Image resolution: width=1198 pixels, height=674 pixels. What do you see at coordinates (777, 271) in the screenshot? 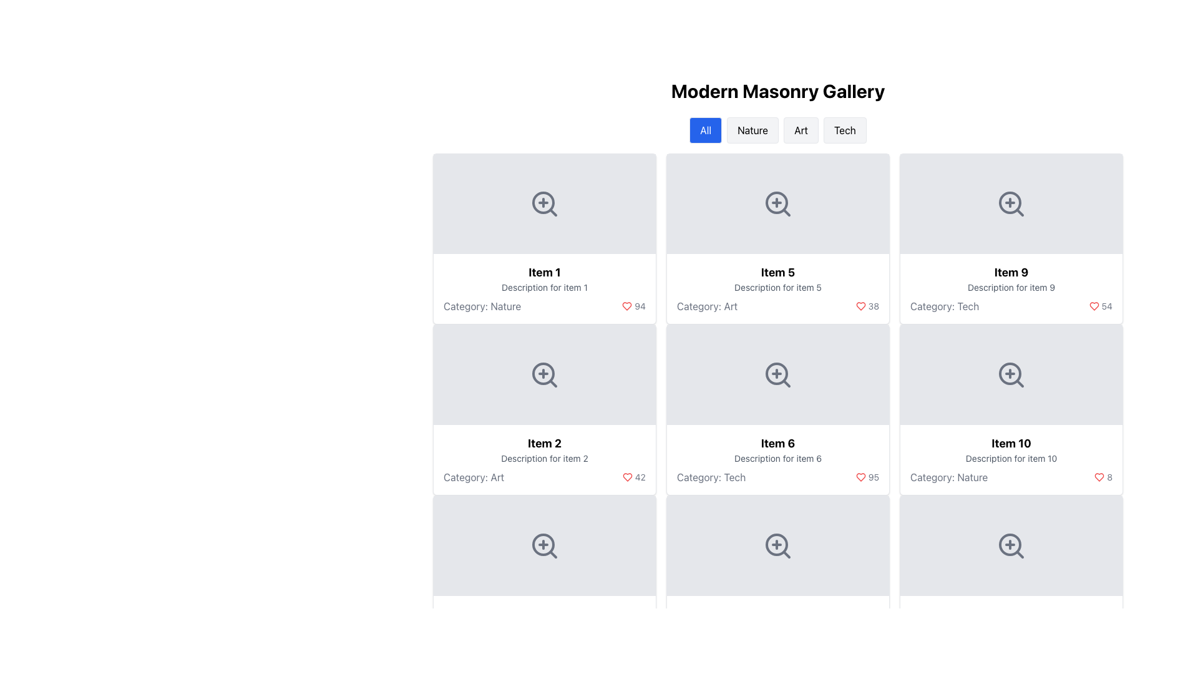
I see `the text element reading 'Item 5', which is bold and large, located at the top of its card in the second column of a grid layout` at bounding box center [777, 271].